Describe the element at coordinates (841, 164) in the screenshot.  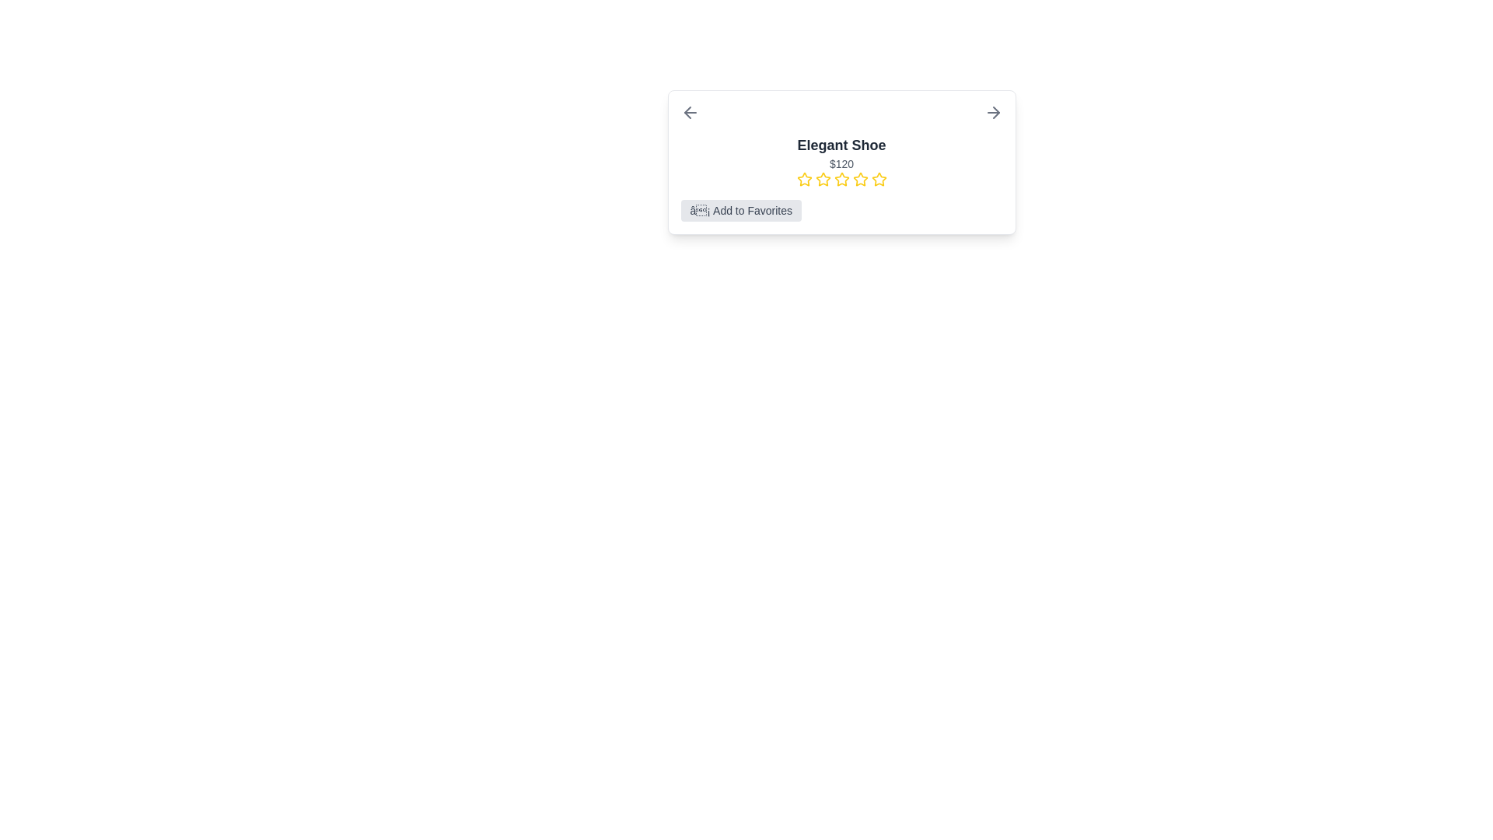
I see `the price display text label indicating the cost as '$120', located in the second row of the card layout beneath the title 'Elegant Shoe'` at that location.